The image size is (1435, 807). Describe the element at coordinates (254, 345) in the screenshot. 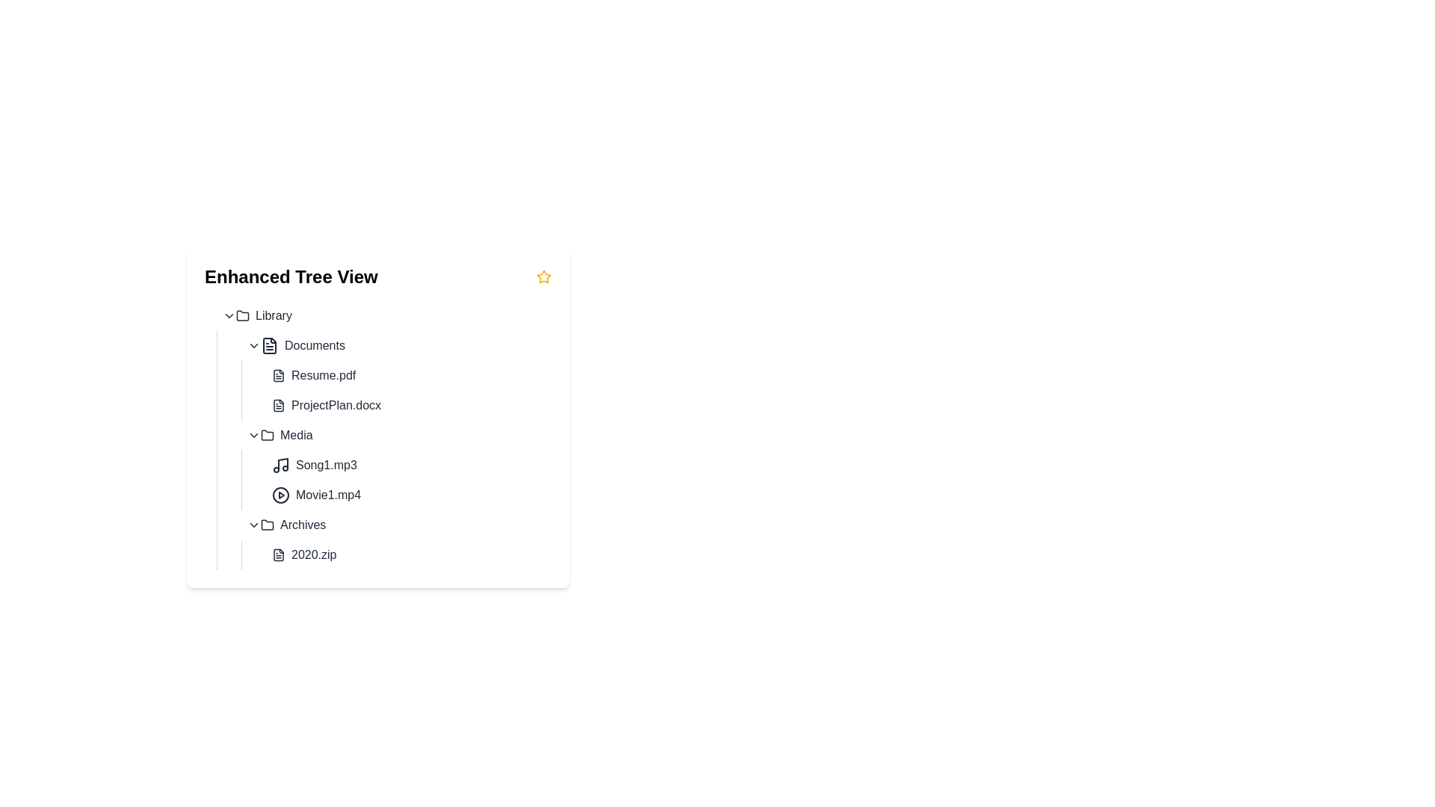

I see `the chevron icon` at that location.